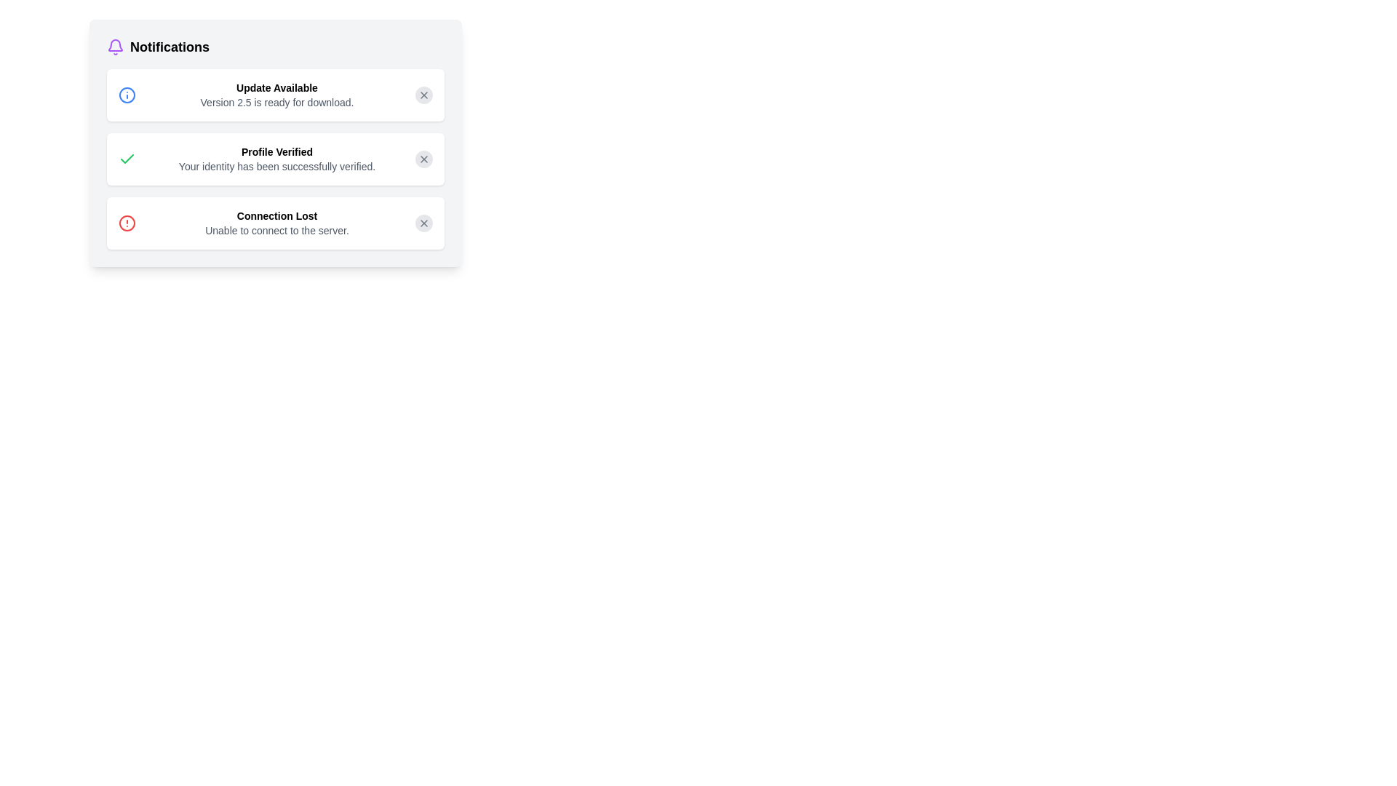  Describe the element at coordinates (423, 223) in the screenshot. I see `close button for the notification titled 'Connection Lost'` at that location.